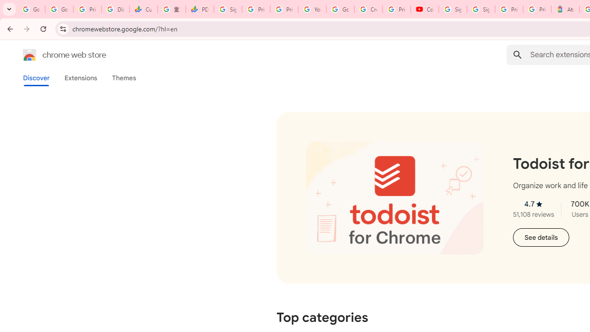 The width and height of the screenshot is (590, 332). What do you see at coordinates (312, 9) in the screenshot?
I see `'YouTube'` at bounding box center [312, 9].